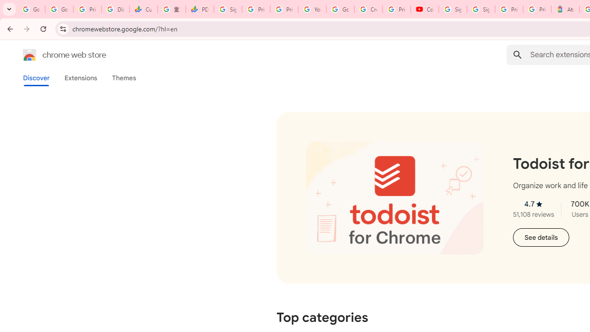 The width and height of the screenshot is (590, 332). What do you see at coordinates (312, 9) in the screenshot?
I see `'YouTube'` at bounding box center [312, 9].